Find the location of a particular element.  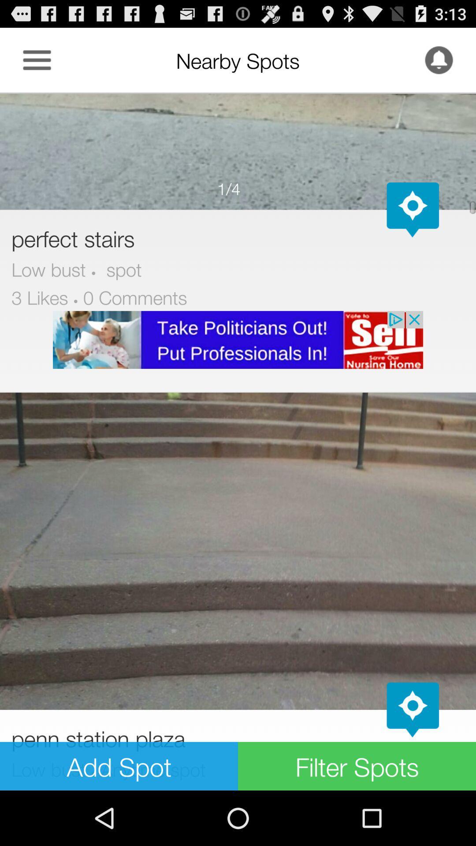

click on this advertisement is located at coordinates (238, 339).